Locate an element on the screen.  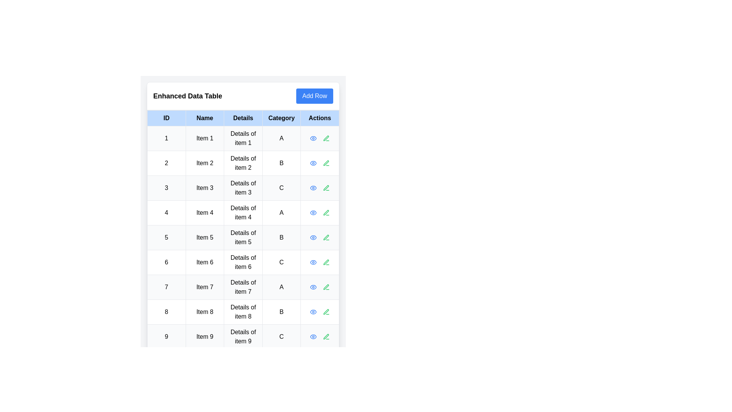
the text display containing 'Details of item 6' in the table, located in row 6 under the third column is located at coordinates (243, 262).